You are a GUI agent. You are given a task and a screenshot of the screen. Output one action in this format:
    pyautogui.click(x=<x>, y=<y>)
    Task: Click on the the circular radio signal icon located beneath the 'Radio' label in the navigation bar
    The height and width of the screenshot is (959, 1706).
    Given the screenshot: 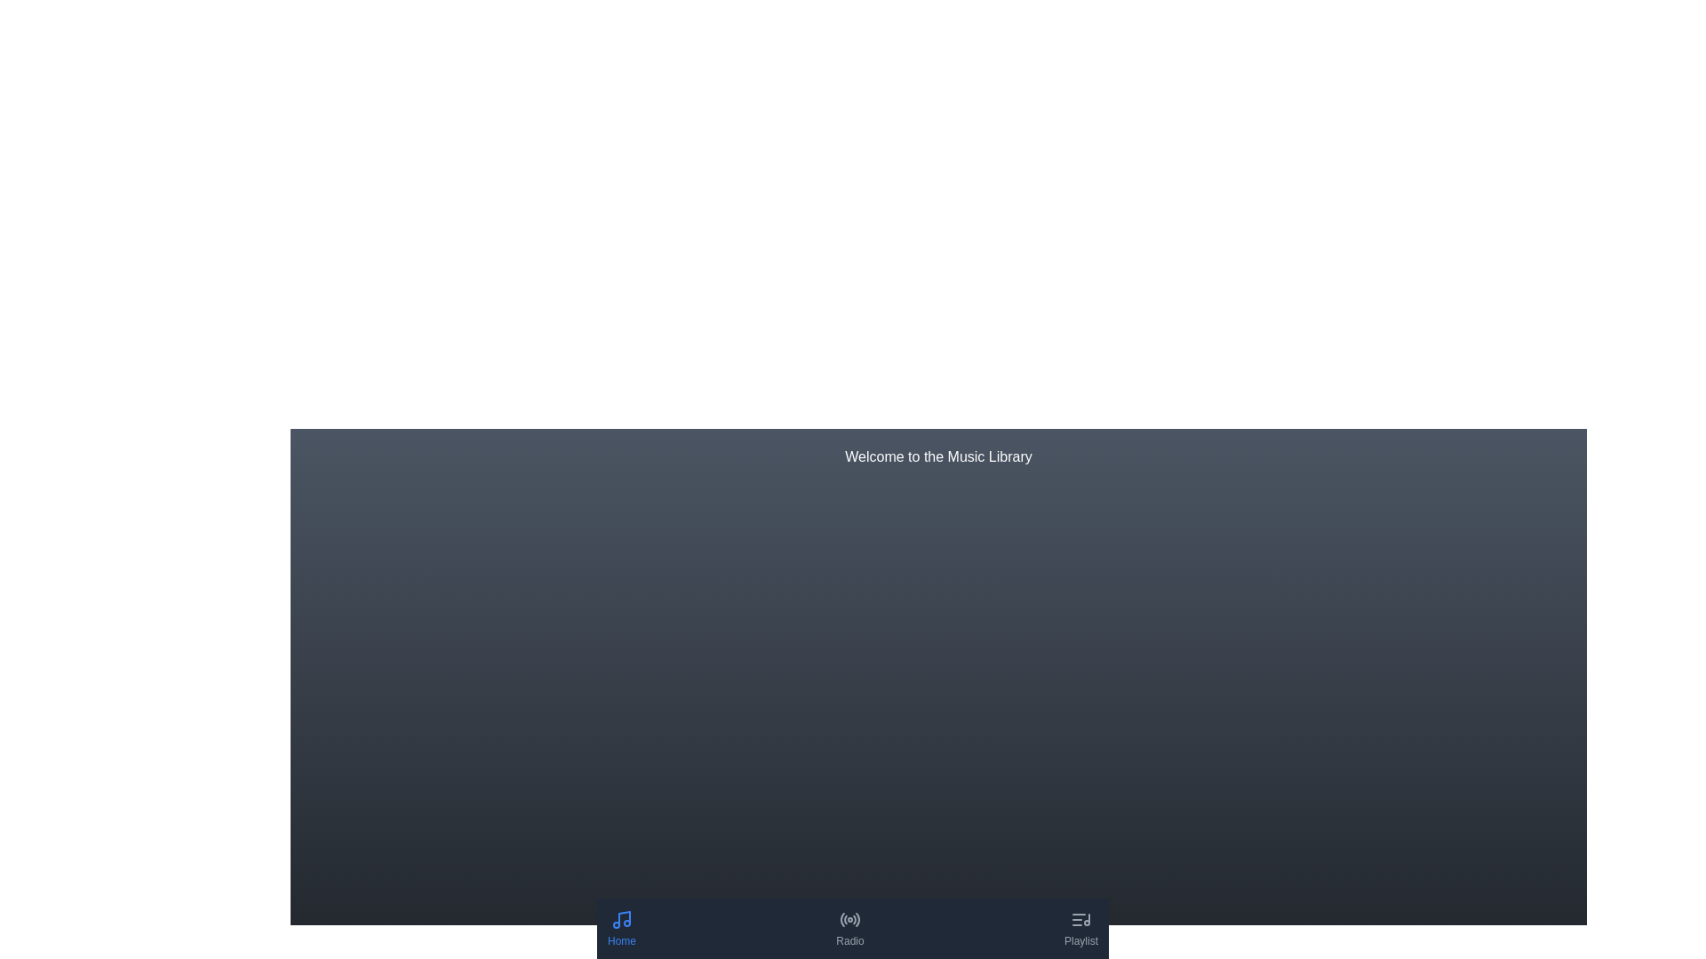 What is the action you would take?
    pyautogui.click(x=849, y=919)
    